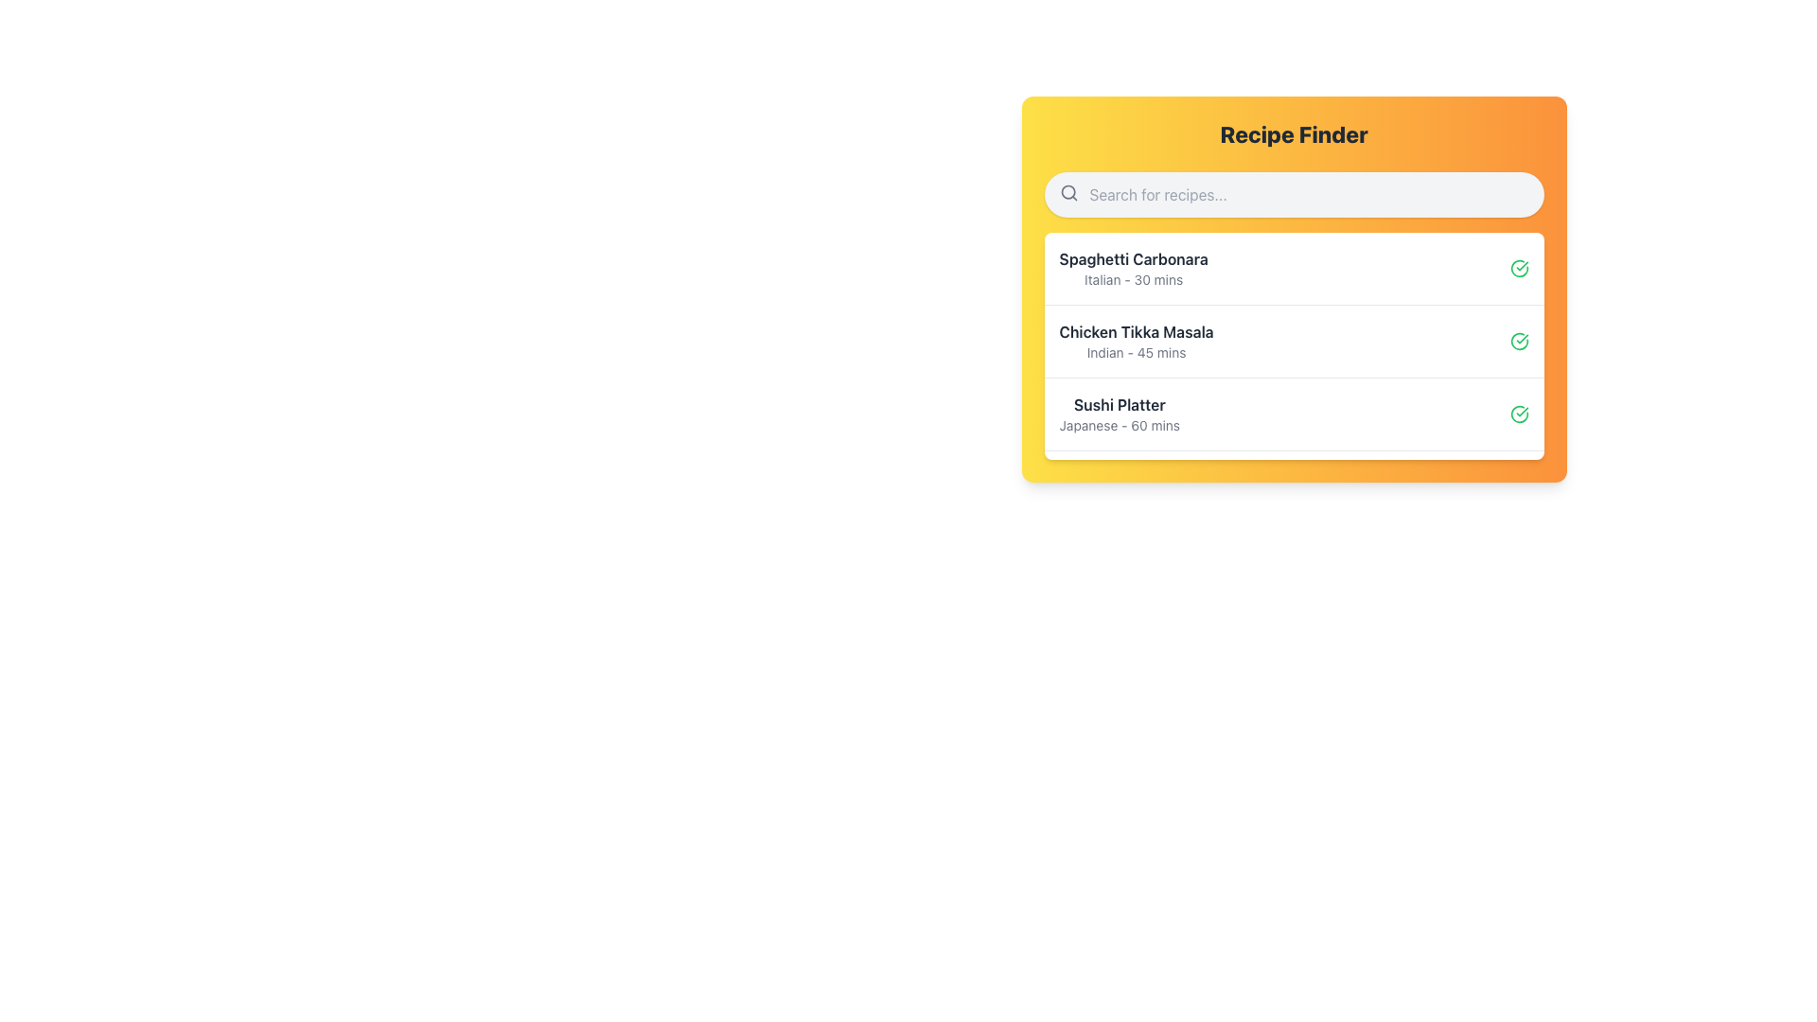 The width and height of the screenshot is (1817, 1022). I want to click on the circular vector graphic icon located at the bottom-right corner of the 'Recipe Finder' card, adjacent to the 'Sushi Platter' item, so click(1519, 486).